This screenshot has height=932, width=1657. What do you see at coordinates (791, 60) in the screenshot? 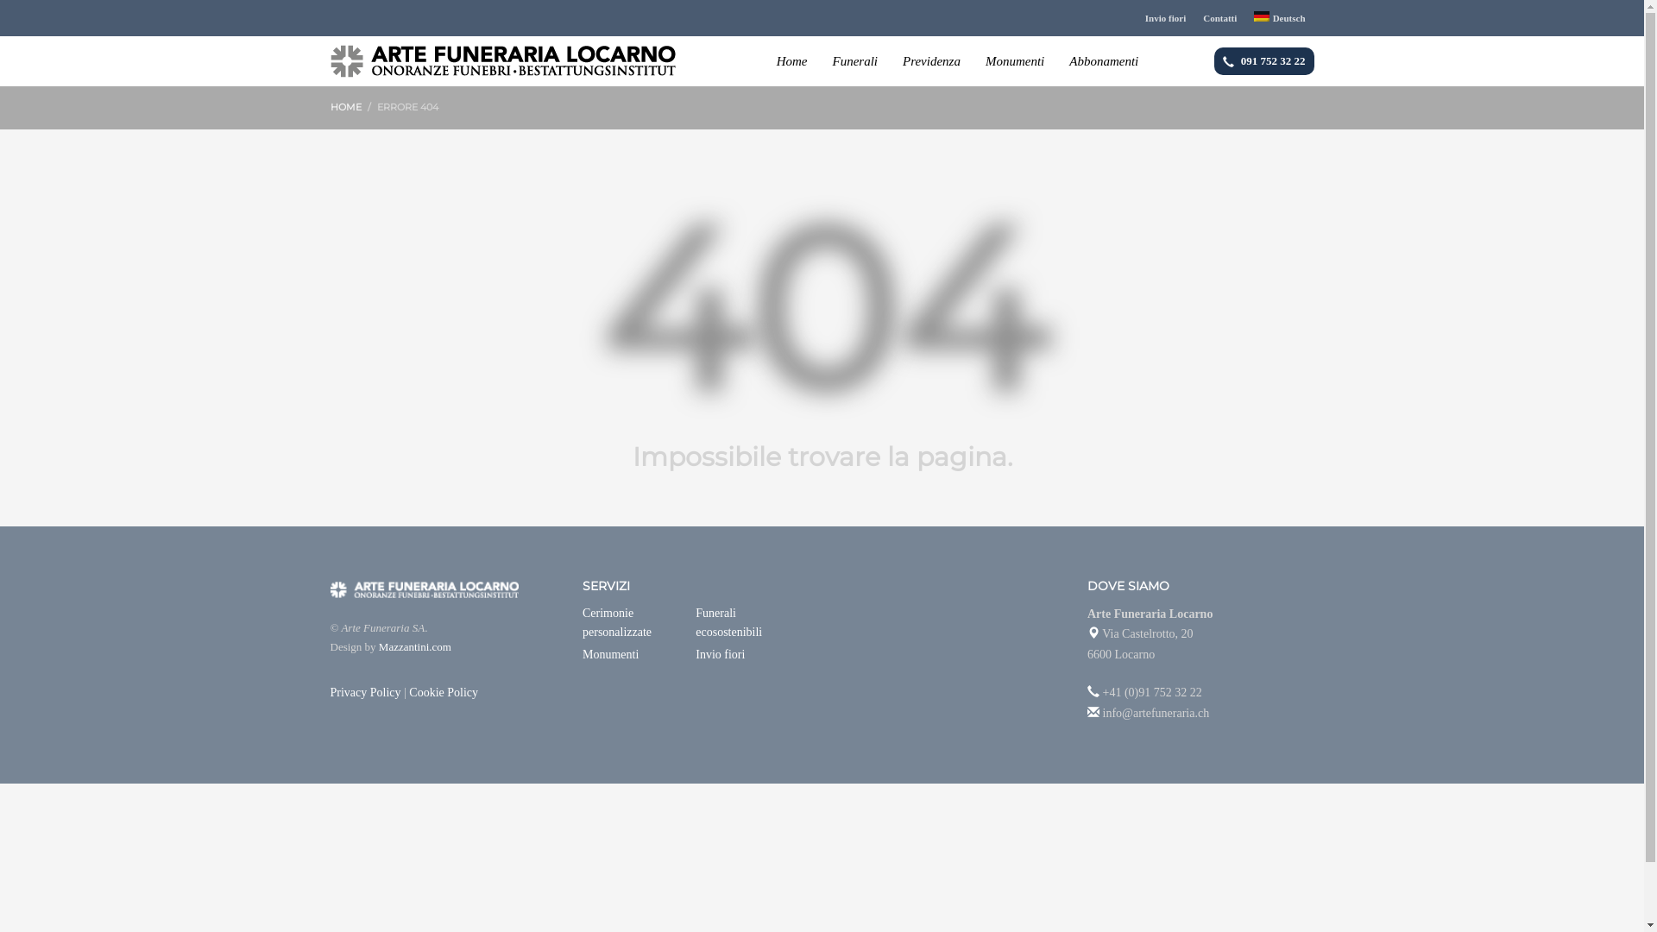
I see `'Home'` at bounding box center [791, 60].